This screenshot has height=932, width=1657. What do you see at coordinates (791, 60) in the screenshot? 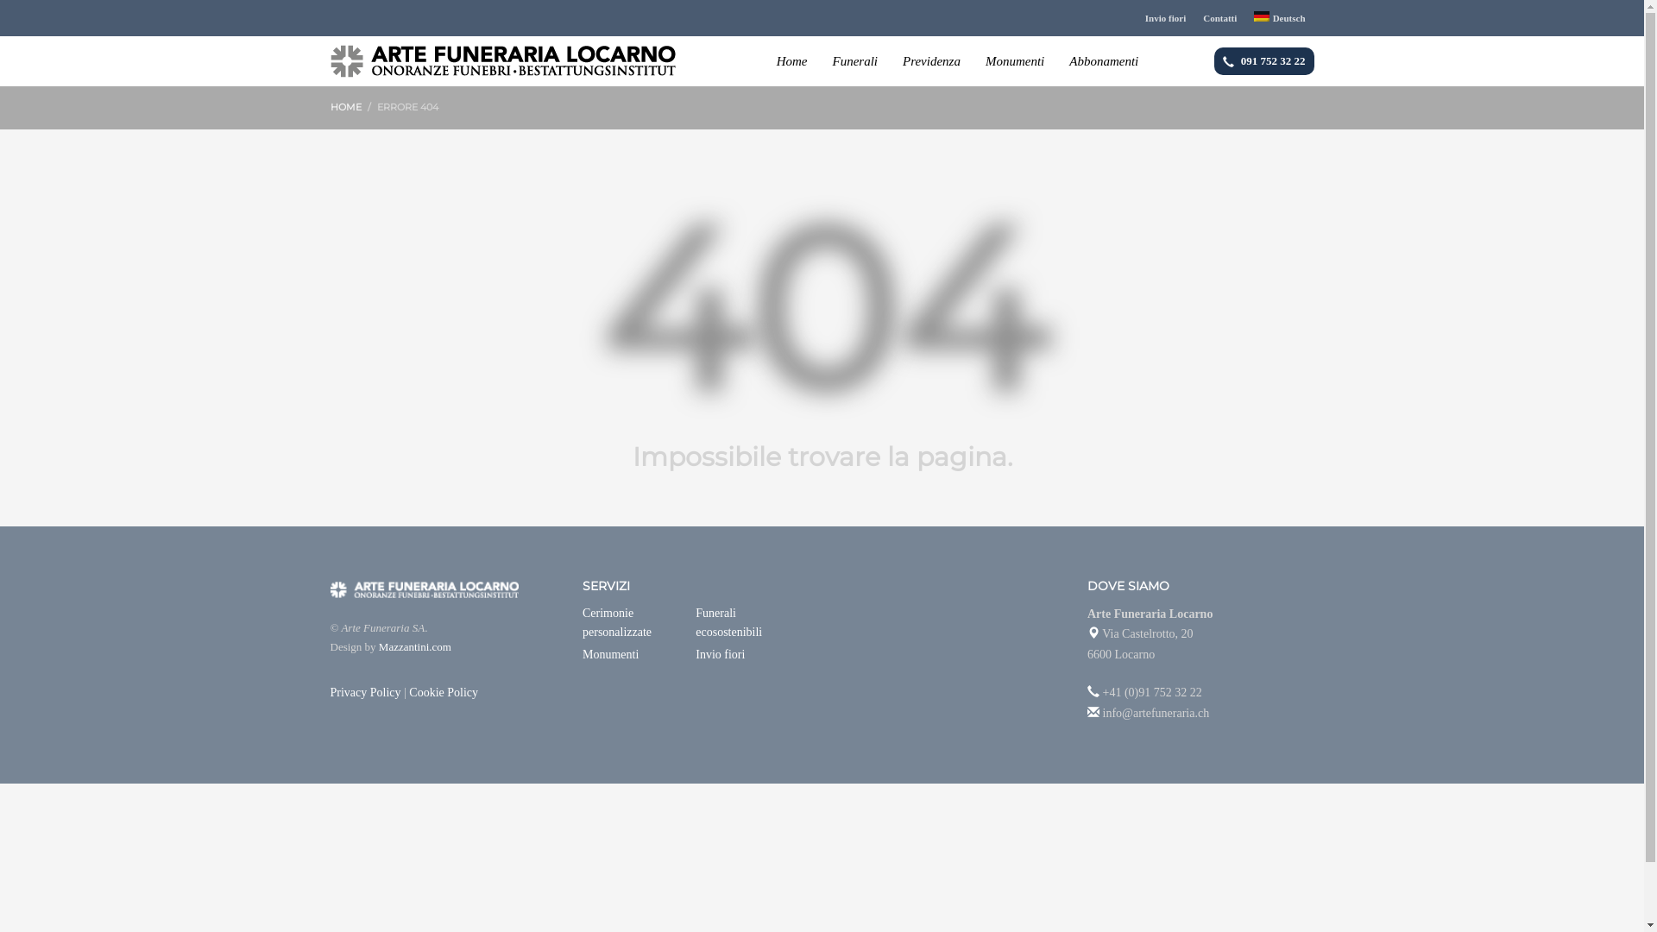
I see `'Home'` at bounding box center [791, 60].